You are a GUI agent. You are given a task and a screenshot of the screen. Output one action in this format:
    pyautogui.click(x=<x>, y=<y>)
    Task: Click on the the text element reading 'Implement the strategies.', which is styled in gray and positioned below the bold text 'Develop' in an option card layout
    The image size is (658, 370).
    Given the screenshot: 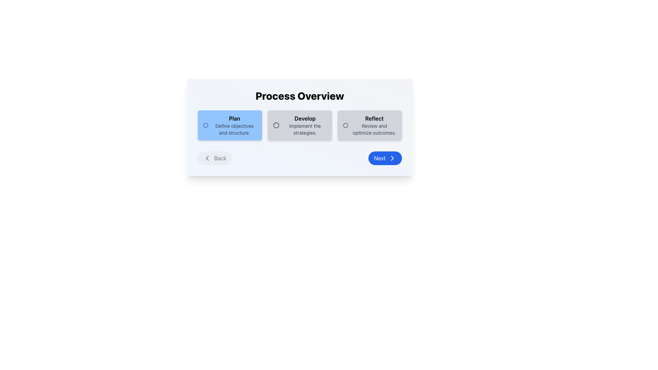 What is the action you would take?
    pyautogui.click(x=305, y=129)
    